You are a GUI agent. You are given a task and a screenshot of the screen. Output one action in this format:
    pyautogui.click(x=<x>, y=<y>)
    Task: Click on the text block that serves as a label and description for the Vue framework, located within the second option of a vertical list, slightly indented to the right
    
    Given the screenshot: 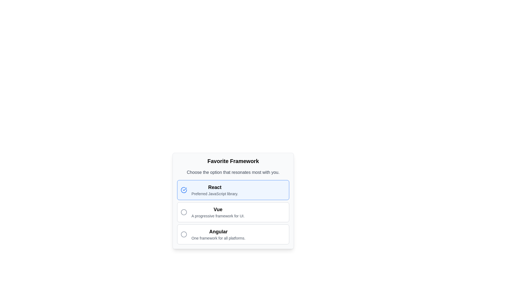 What is the action you would take?
    pyautogui.click(x=218, y=212)
    